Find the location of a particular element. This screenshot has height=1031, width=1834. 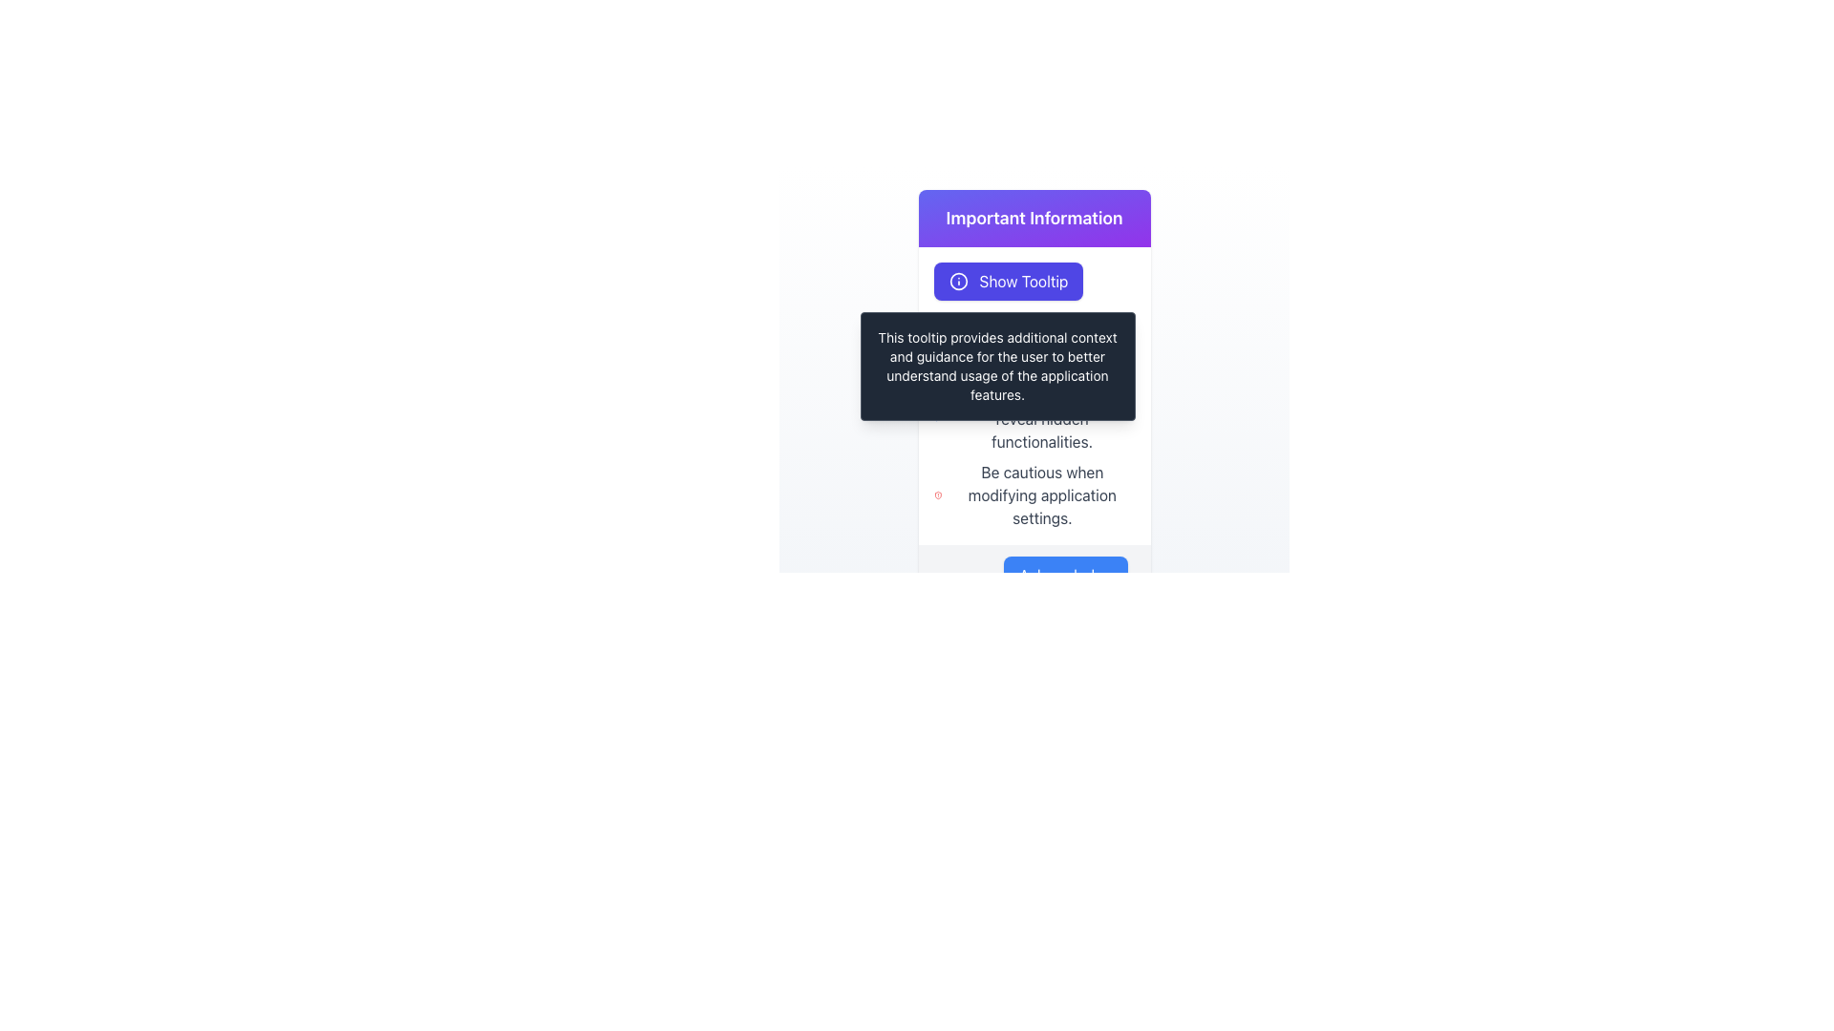

the centrally positioned text label that serves as a header or title in the rectangular header section with a gradient background is located at coordinates (1034, 217).